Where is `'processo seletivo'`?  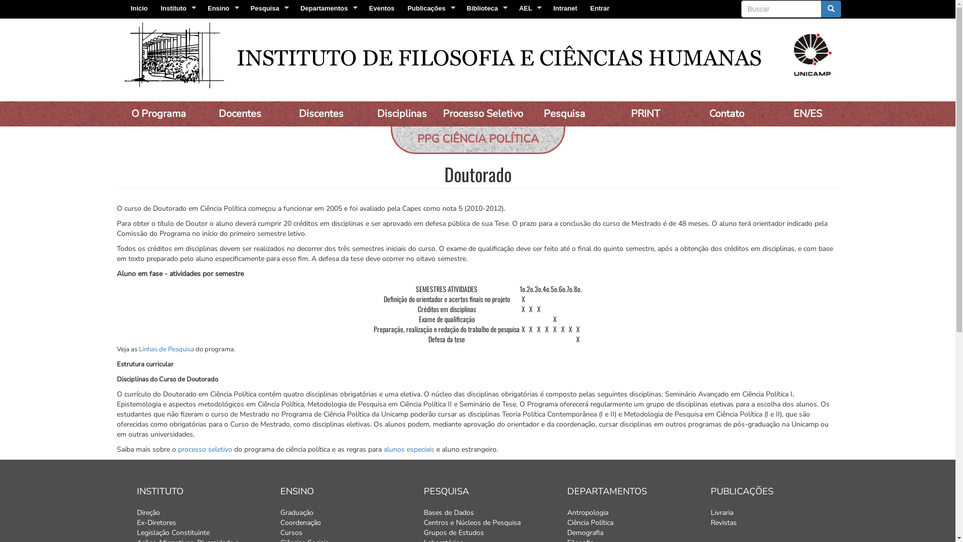 'processo seletivo' is located at coordinates (204, 449).